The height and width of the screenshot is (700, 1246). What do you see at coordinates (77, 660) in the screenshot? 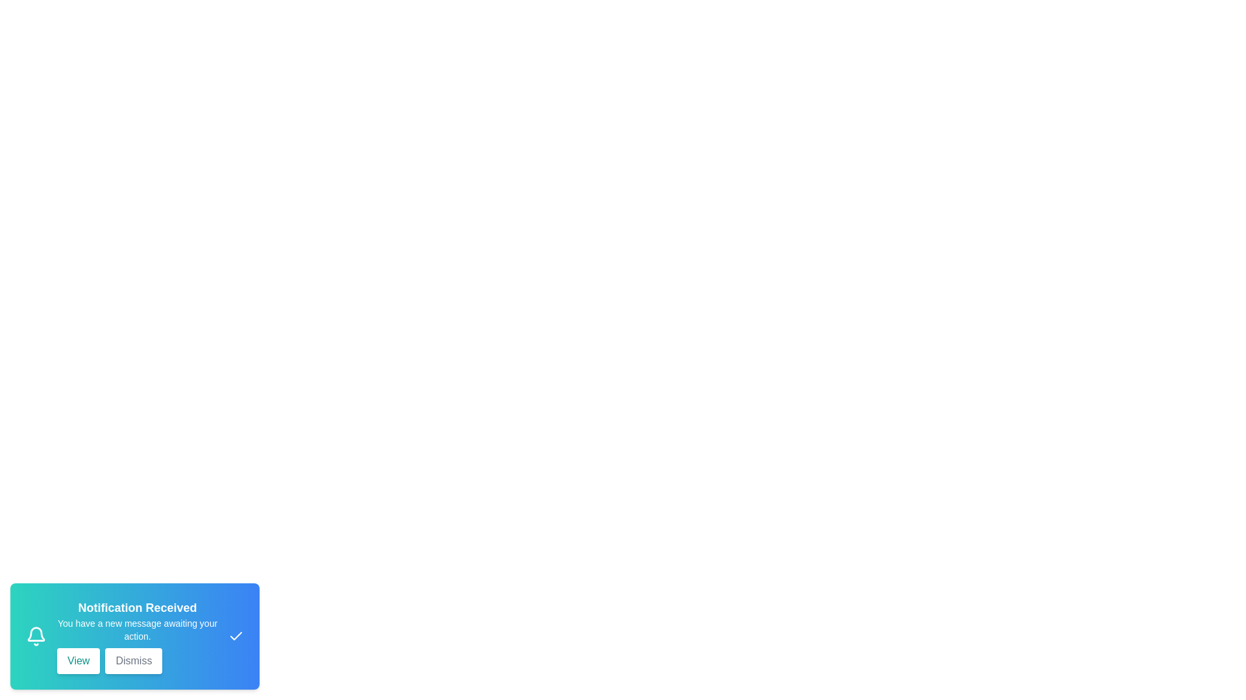
I see `'View' button to navigate to message details` at bounding box center [77, 660].